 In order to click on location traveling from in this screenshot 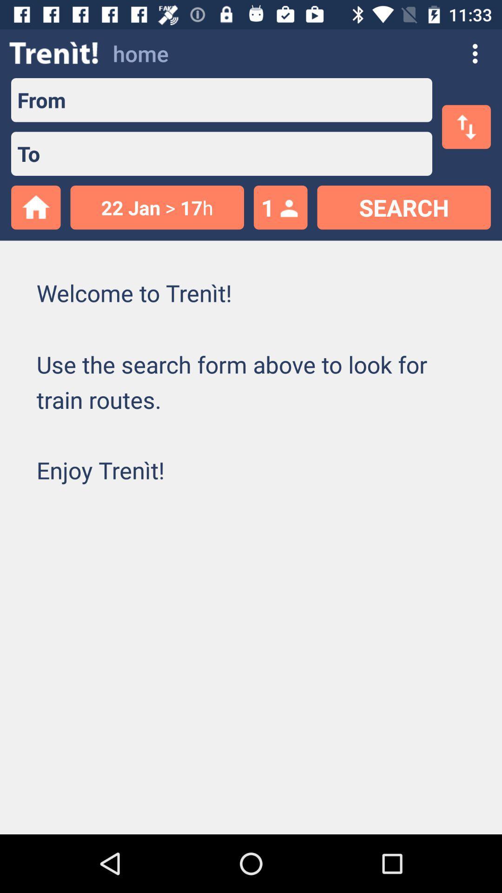, I will do `click(248, 100)`.